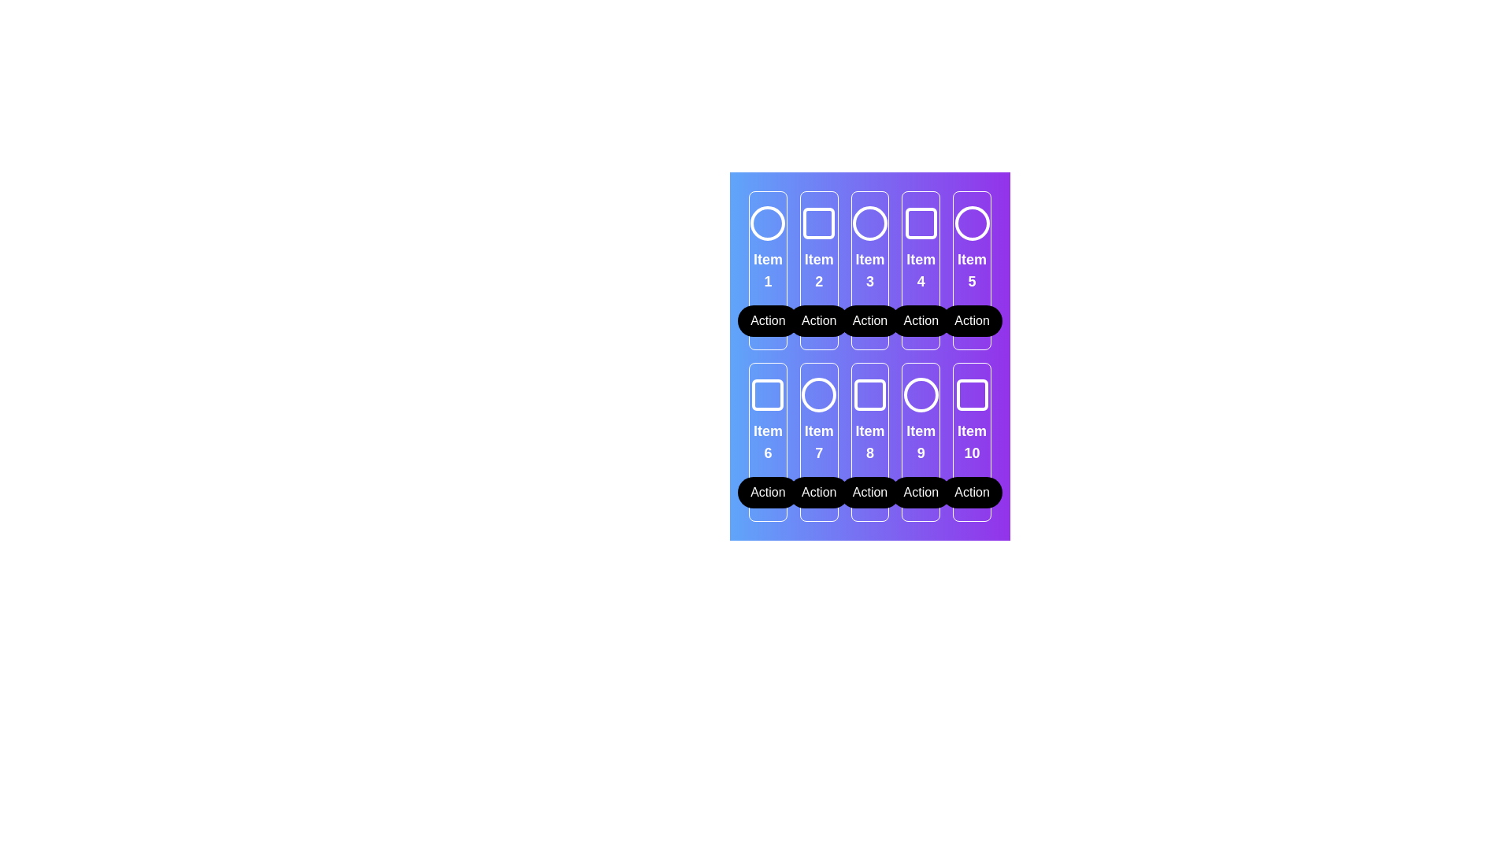 The width and height of the screenshot is (1512, 850). Describe the element at coordinates (768, 442) in the screenshot. I see `the text label displaying 'Item 6', which is prominently styled in a larger font and bold weight, located in the first cell of the second row of a grid layout` at that location.